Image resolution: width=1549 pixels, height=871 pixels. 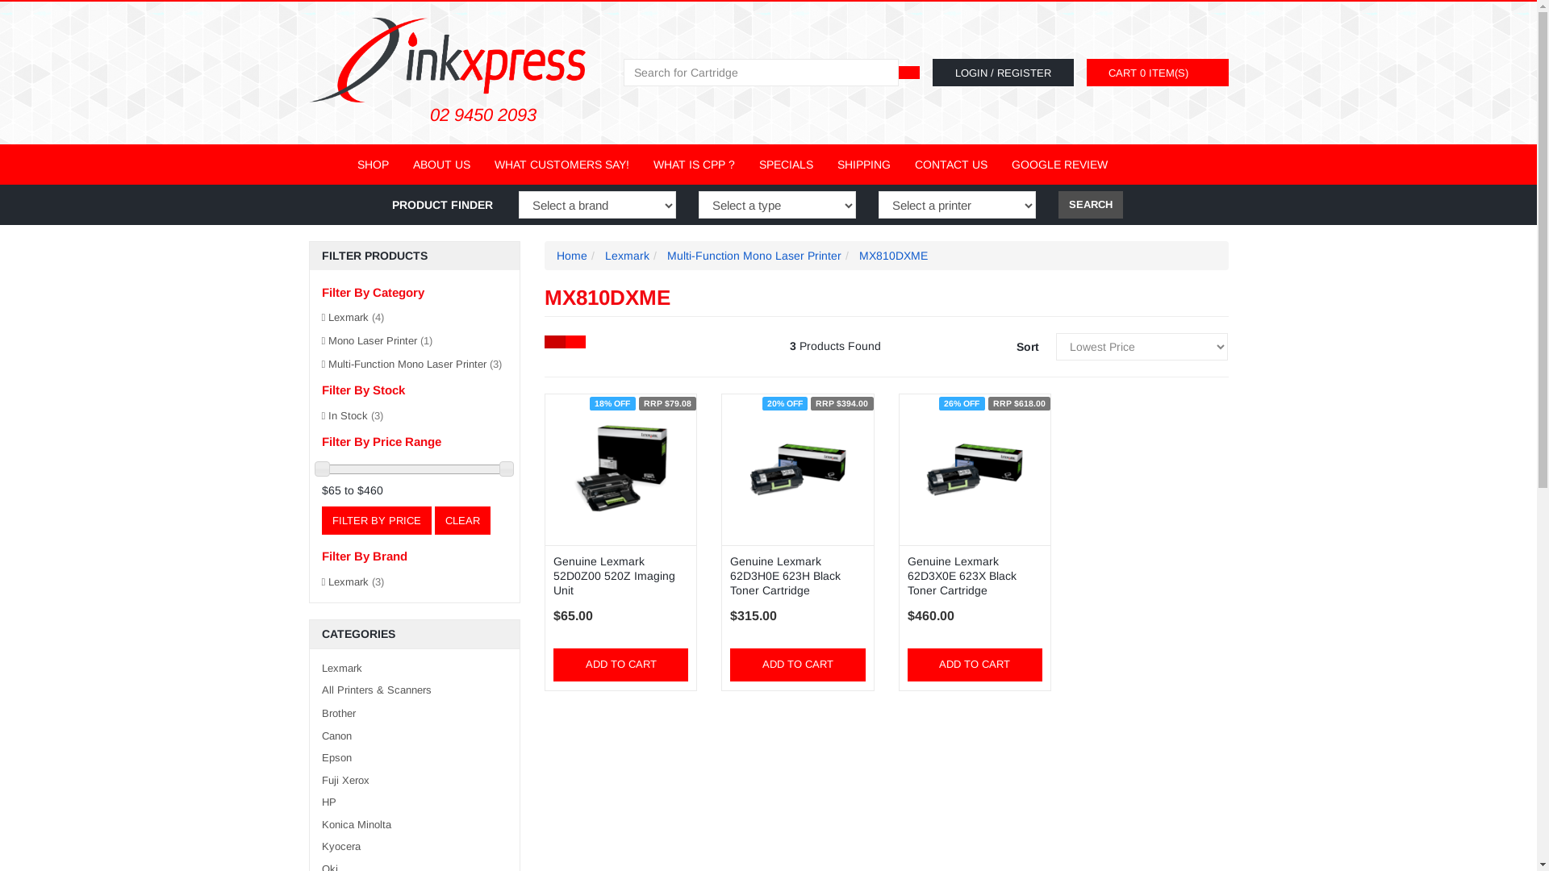 What do you see at coordinates (310, 415) in the screenshot?
I see `'In Stock (3)'` at bounding box center [310, 415].